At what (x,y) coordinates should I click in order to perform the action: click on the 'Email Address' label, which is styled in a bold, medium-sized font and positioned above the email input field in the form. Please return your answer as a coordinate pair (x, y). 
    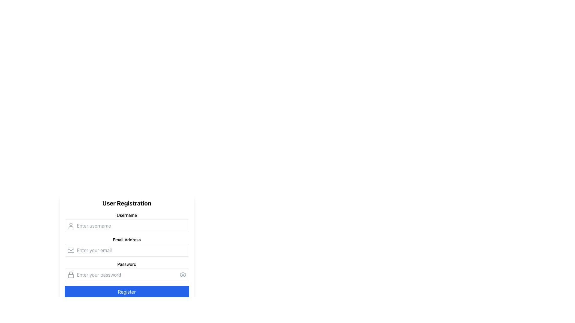
    Looking at the image, I should click on (126, 240).